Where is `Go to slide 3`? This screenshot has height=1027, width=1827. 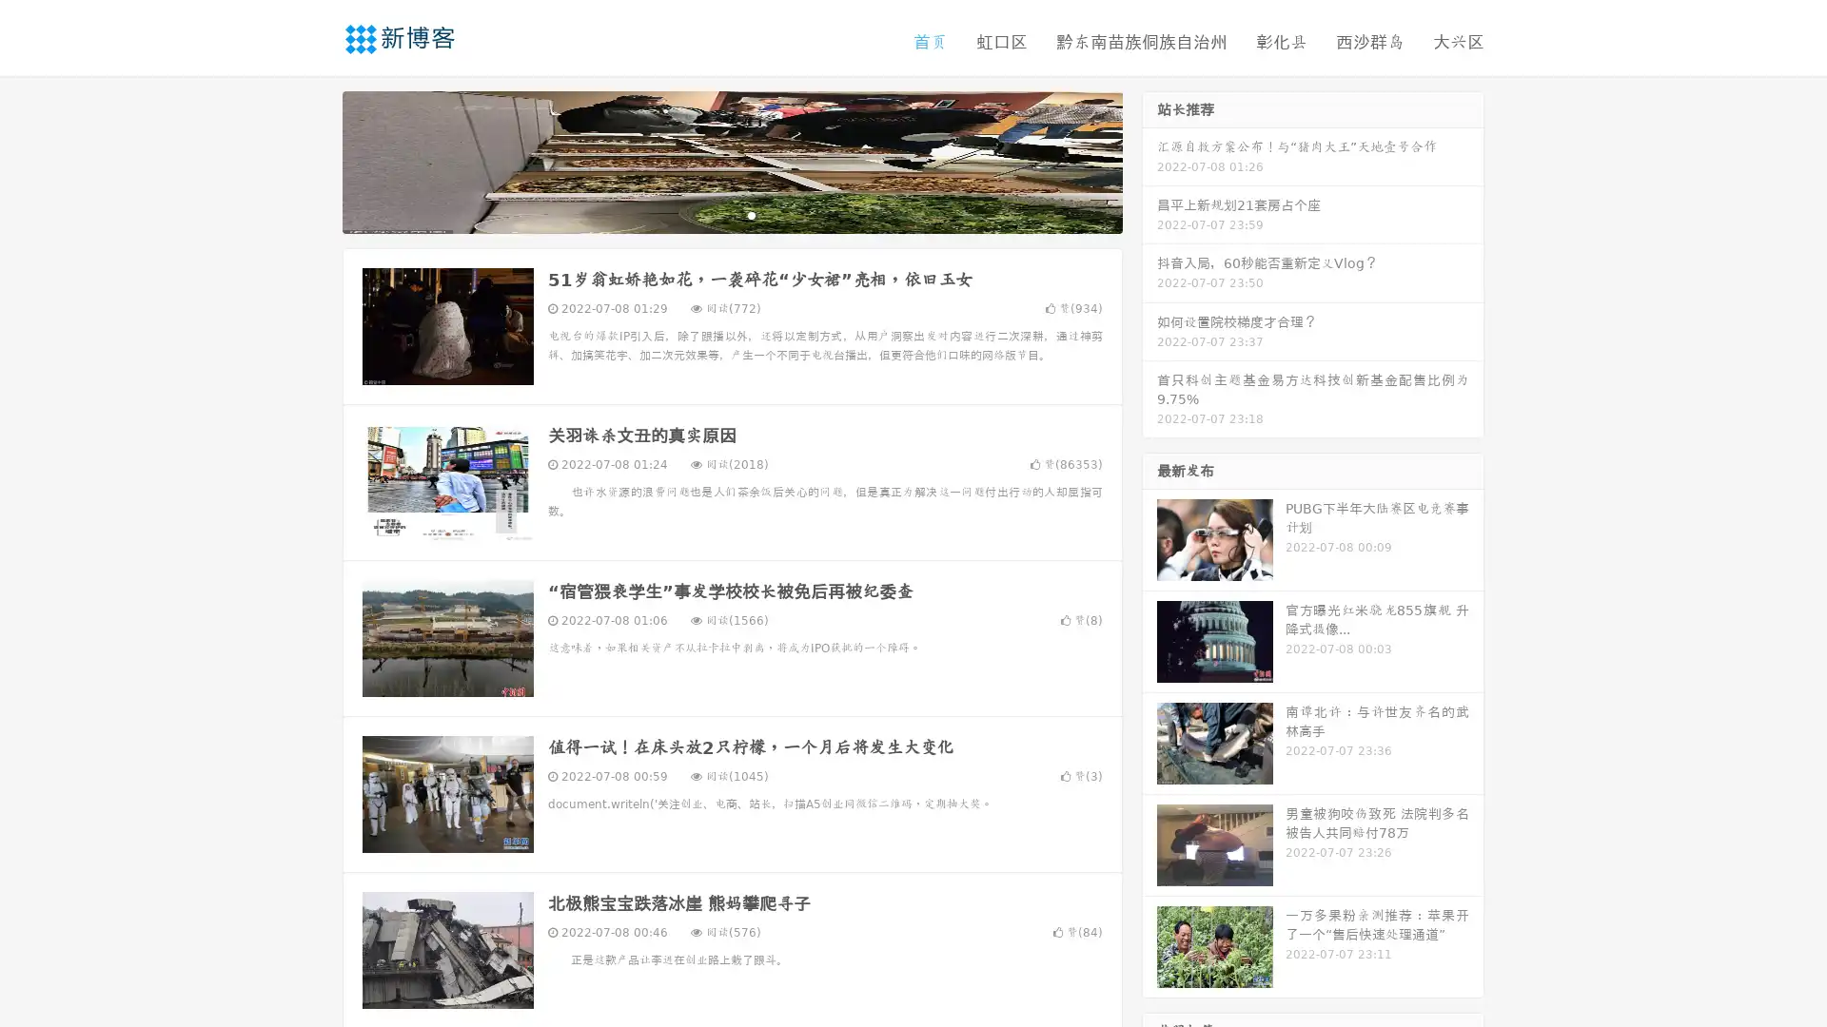
Go to slide 3 is located at coordinates (751, 214).